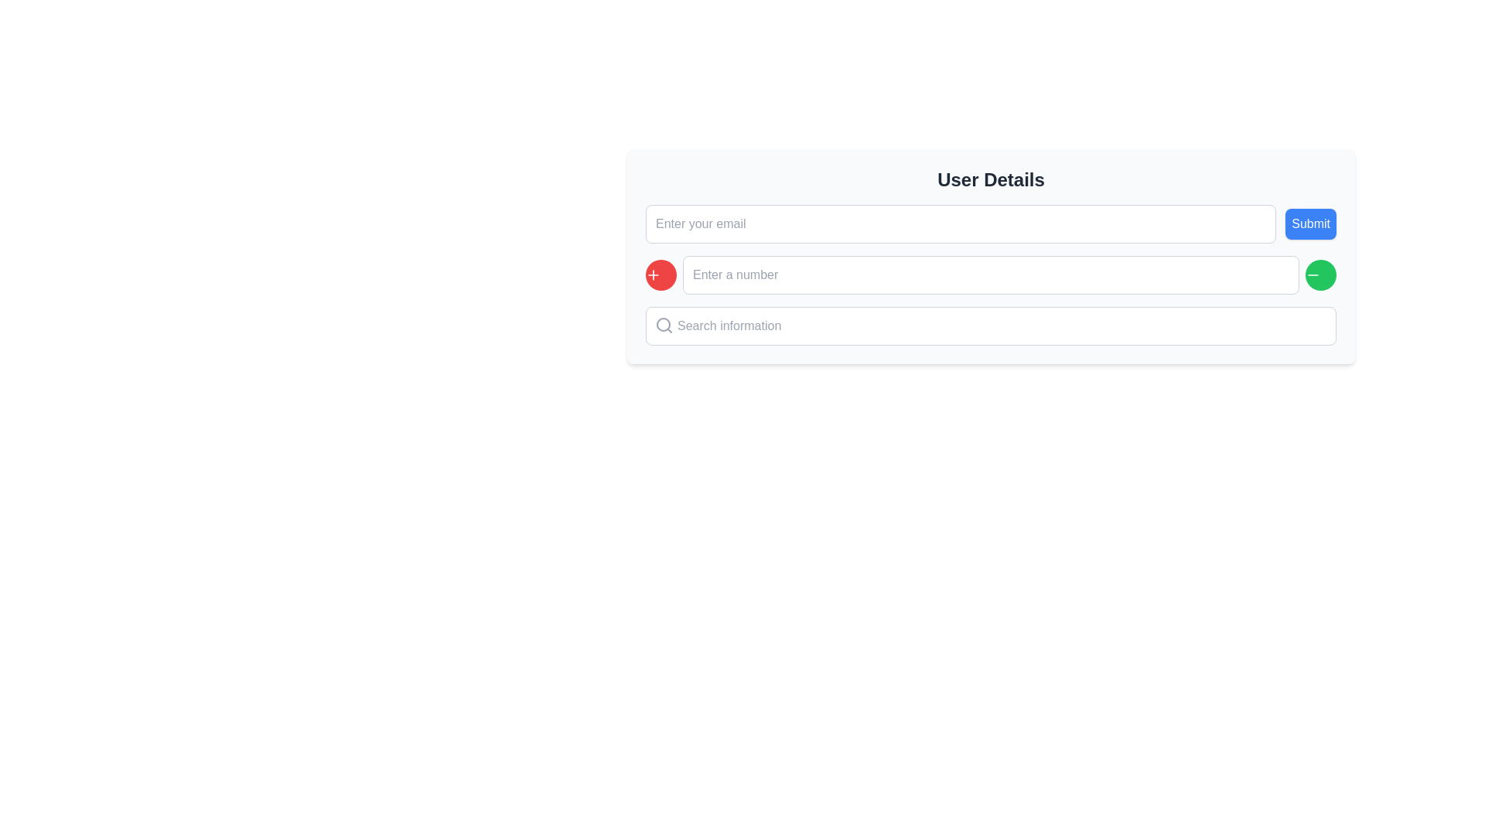 The width and height of the screenshot is (1485, 835). I want to click on the search icon located on the left side of the input field labeled 'Search information', so click(664, 324).